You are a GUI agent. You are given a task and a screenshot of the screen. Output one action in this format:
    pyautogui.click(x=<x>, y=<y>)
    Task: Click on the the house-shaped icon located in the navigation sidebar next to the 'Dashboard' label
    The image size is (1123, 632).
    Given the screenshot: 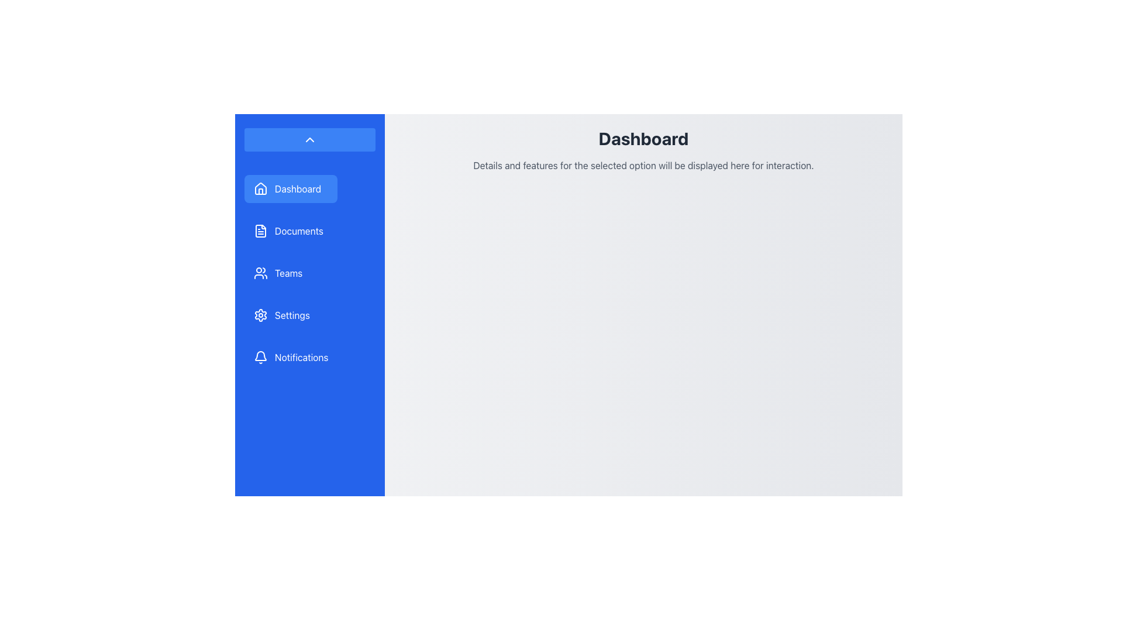 What is the action you would take?
    pyautogui.click(x=260, y=187)
    